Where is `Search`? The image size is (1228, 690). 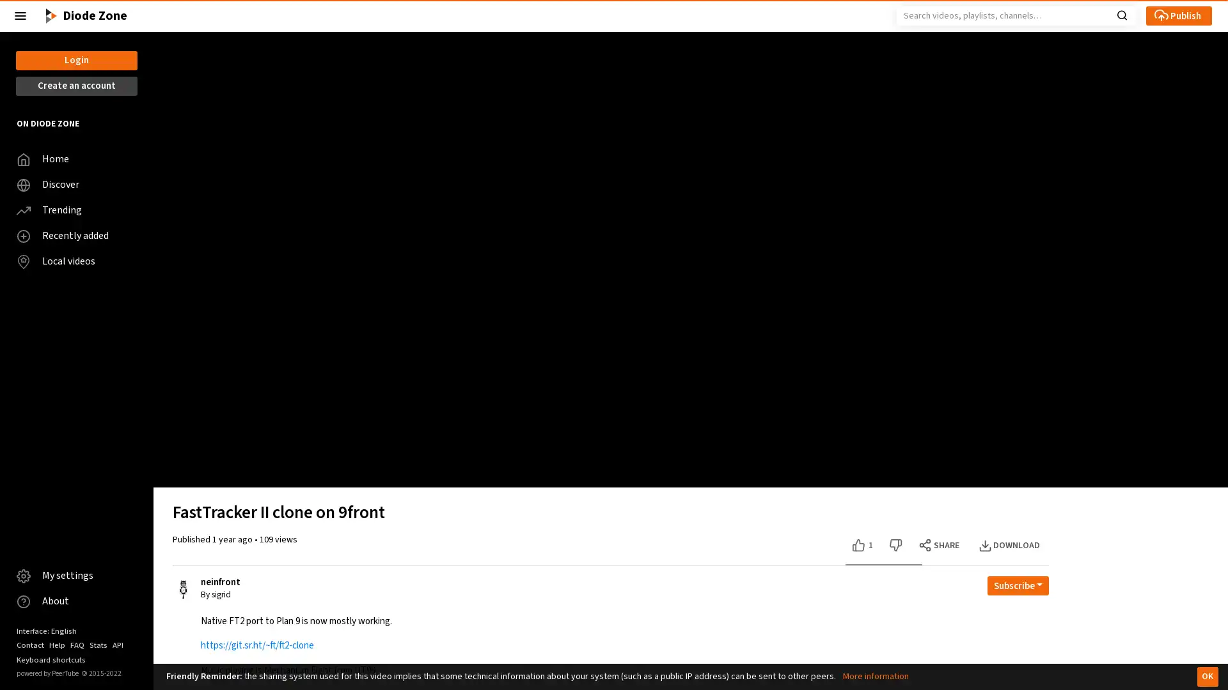
Search is located at coordinates (1121, 14).